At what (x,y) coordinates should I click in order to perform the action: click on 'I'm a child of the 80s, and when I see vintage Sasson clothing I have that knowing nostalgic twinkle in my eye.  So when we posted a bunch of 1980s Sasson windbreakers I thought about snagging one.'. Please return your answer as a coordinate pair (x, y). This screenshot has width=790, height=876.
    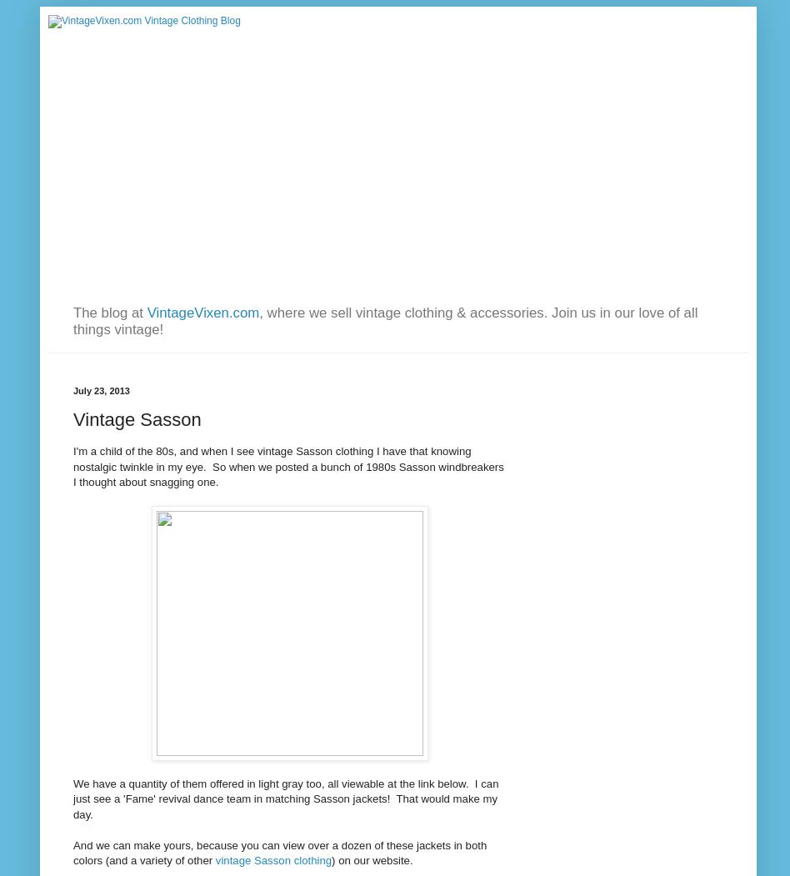
    Looking at the image, I should click on (288, 465).